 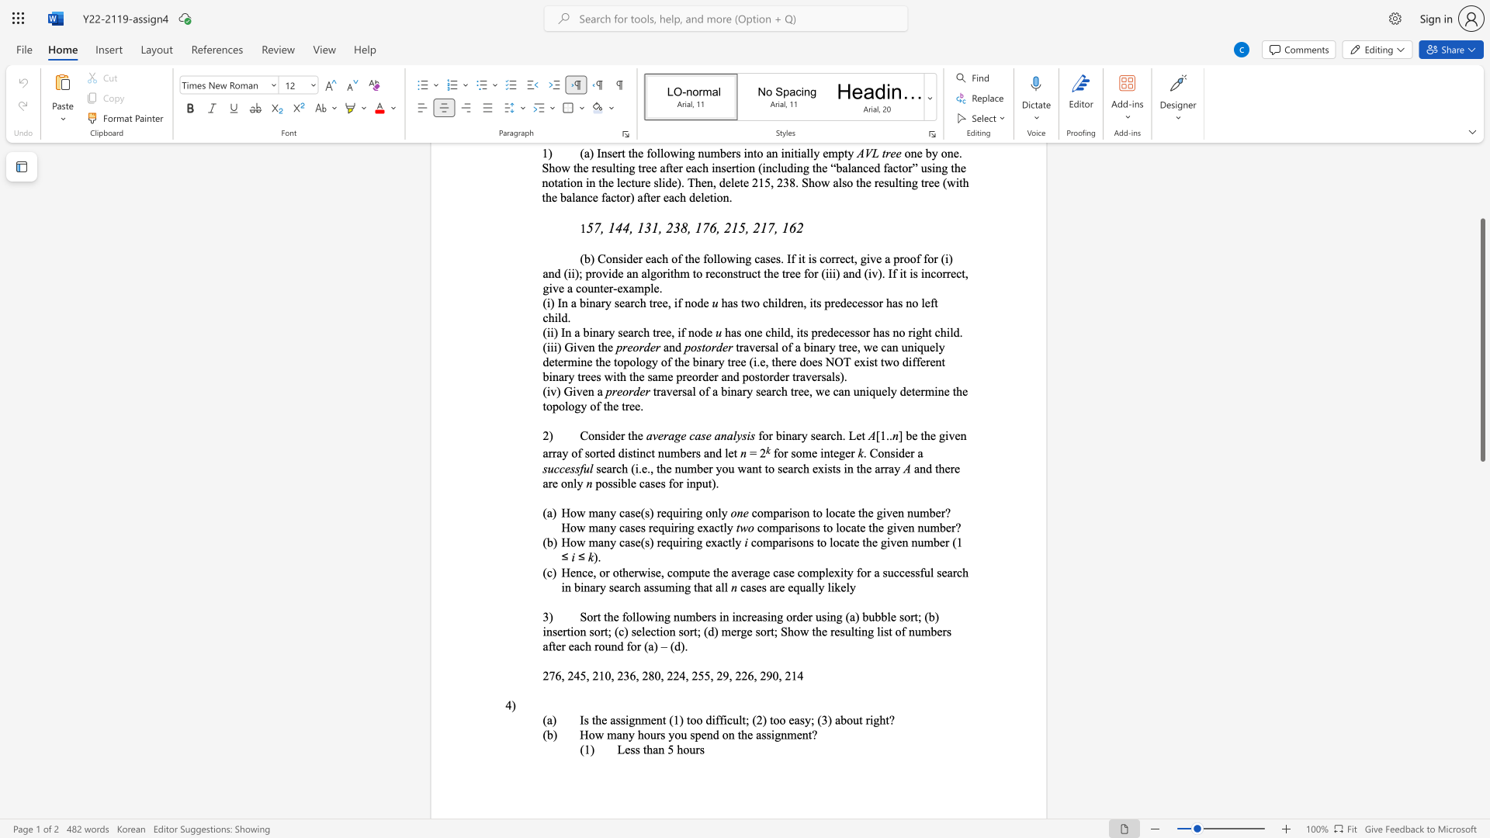 I want to click on the scrollbar and move down 150 pixels, so click(x=1481, y=339).